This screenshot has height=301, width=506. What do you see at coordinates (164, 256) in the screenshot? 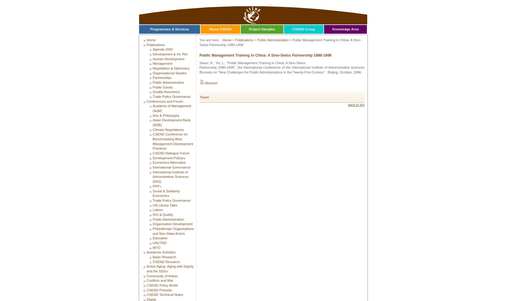
I see `'Basic Research'` at bounding box center [164, 256].